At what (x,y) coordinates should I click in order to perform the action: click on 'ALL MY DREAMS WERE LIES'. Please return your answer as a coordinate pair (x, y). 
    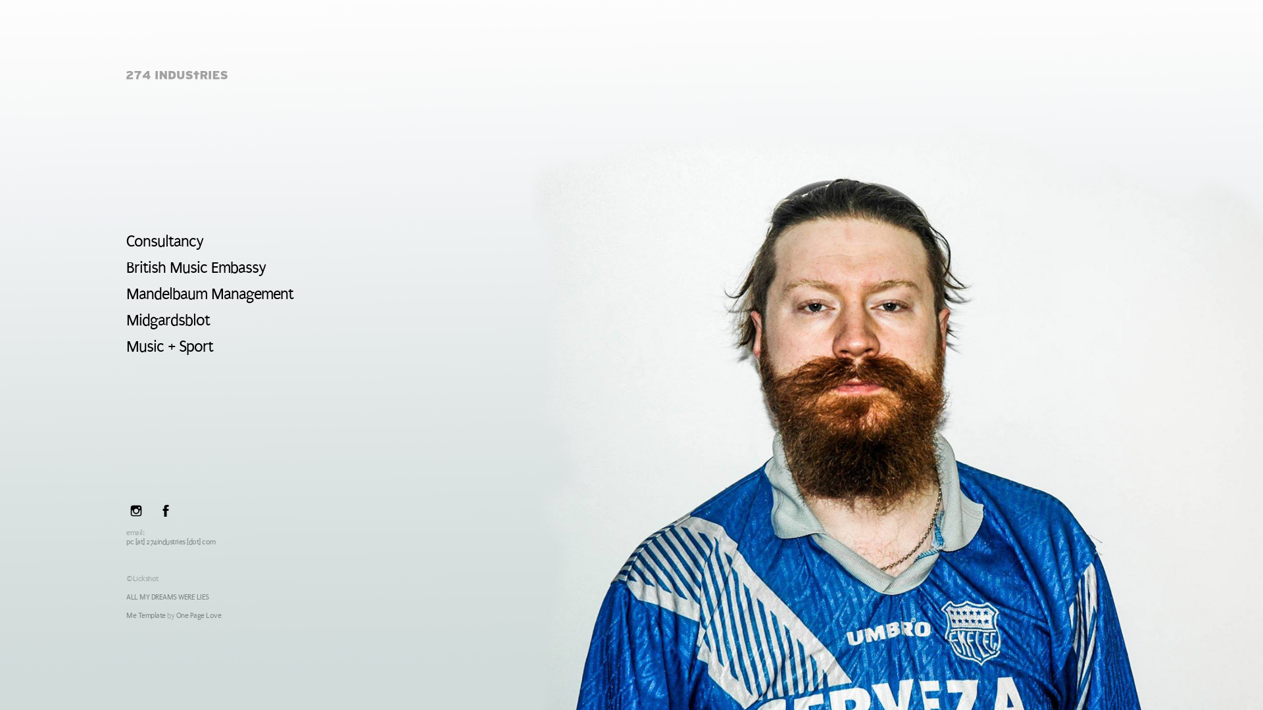
    Looking at the image, I should click on (126, 597).